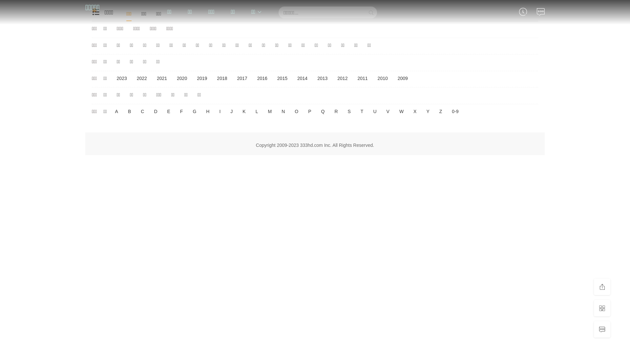 Image resolution: width=630 pixels, height=354 pixels. I want to click on '2013', so click(322, 78).